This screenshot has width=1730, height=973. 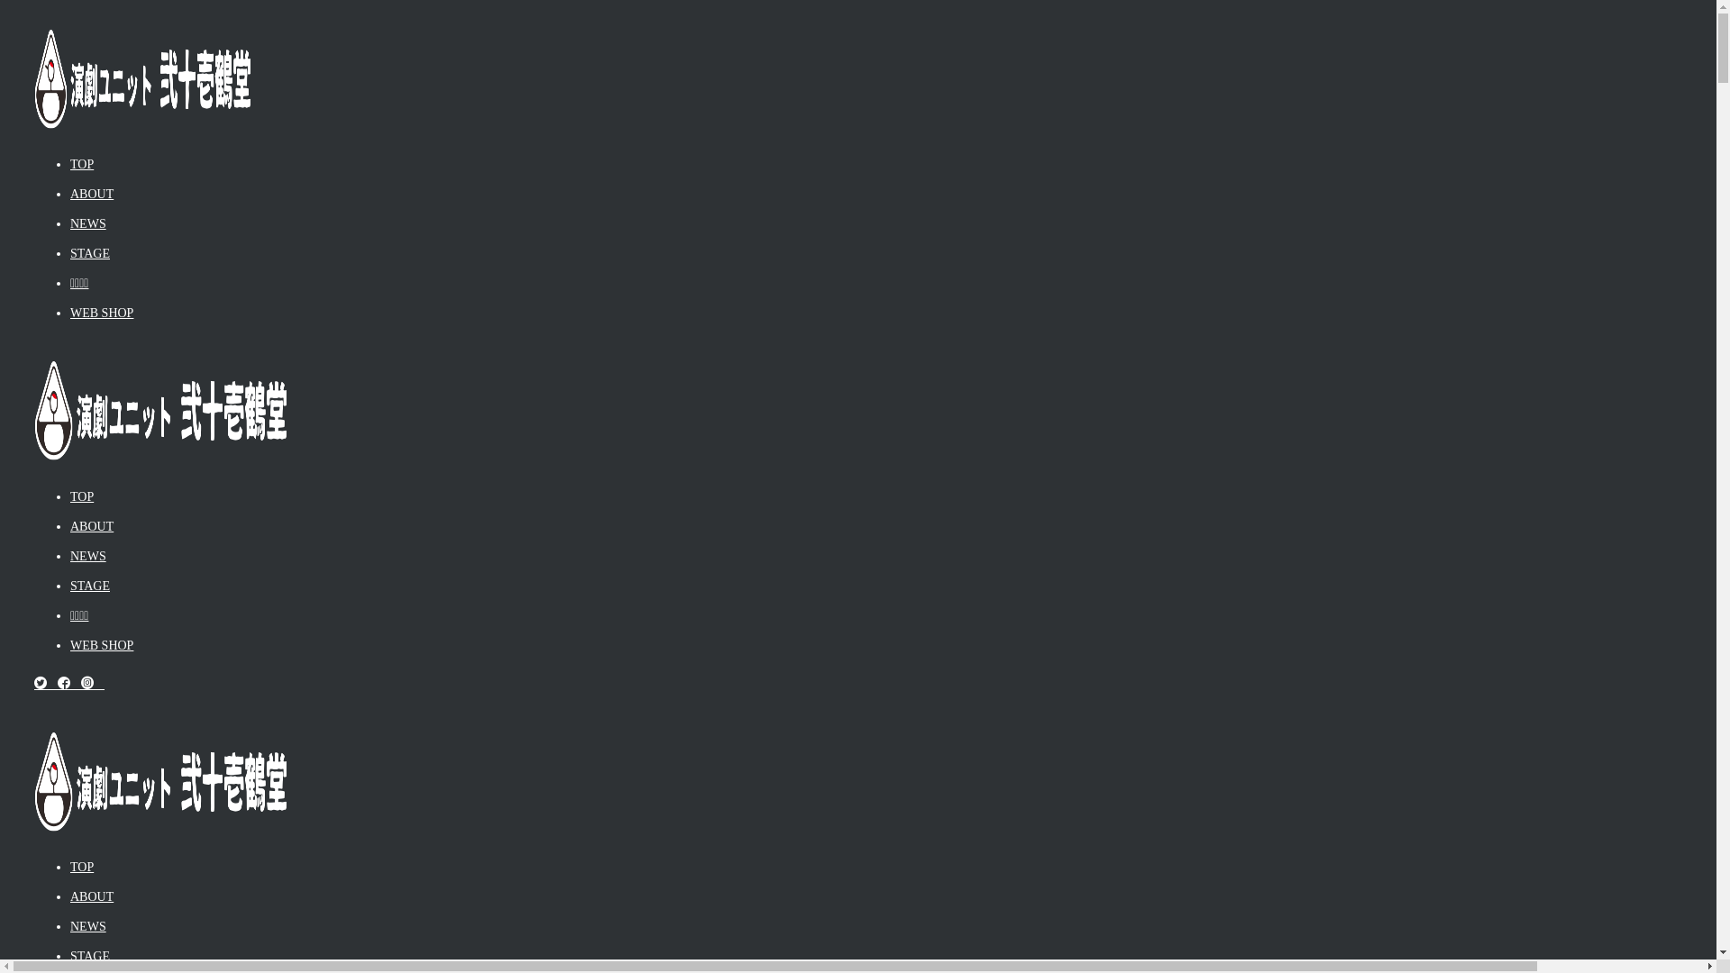 What do you see at coordinates (81, 866) in the screenshot?
I see `'TOP'` at bounding box center [81, 866].